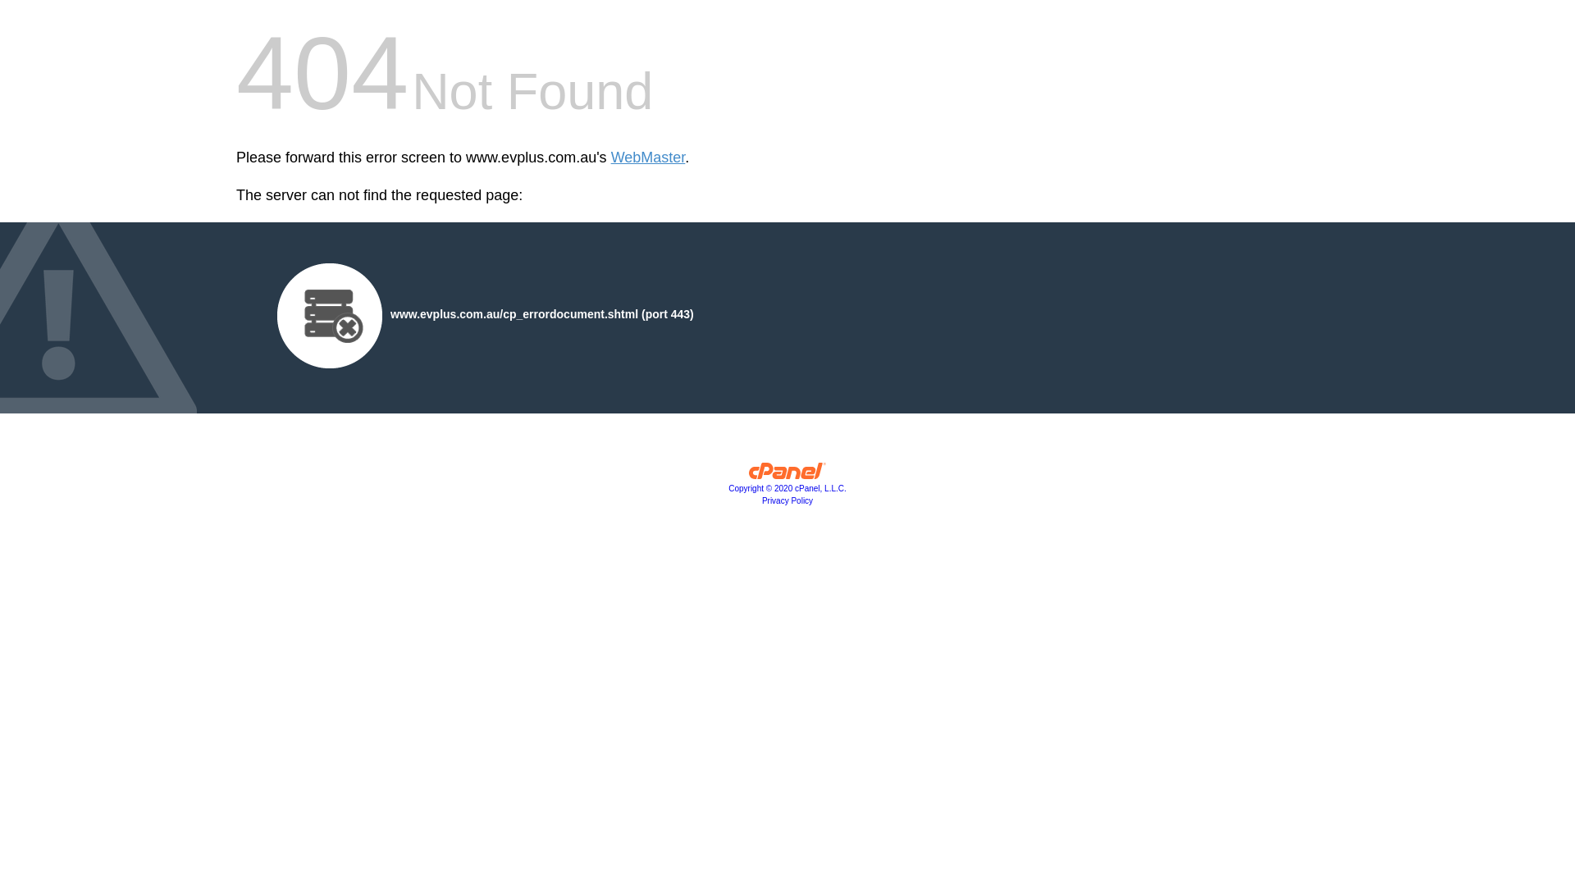  What do you see at coordinates (609, 158) in the screenshot?
I see `'WebMaster'` at bounding box center [609, 158].